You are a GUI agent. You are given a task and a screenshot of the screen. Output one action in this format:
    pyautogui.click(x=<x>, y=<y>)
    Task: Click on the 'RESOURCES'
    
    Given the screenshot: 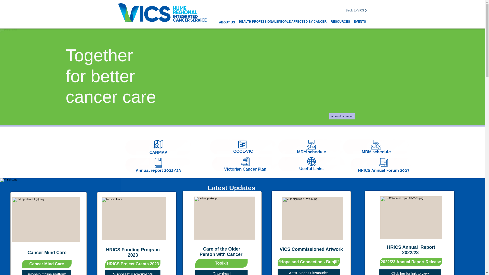 What is the action you would take?
    pyautogui.click(x=340, y=21)
    